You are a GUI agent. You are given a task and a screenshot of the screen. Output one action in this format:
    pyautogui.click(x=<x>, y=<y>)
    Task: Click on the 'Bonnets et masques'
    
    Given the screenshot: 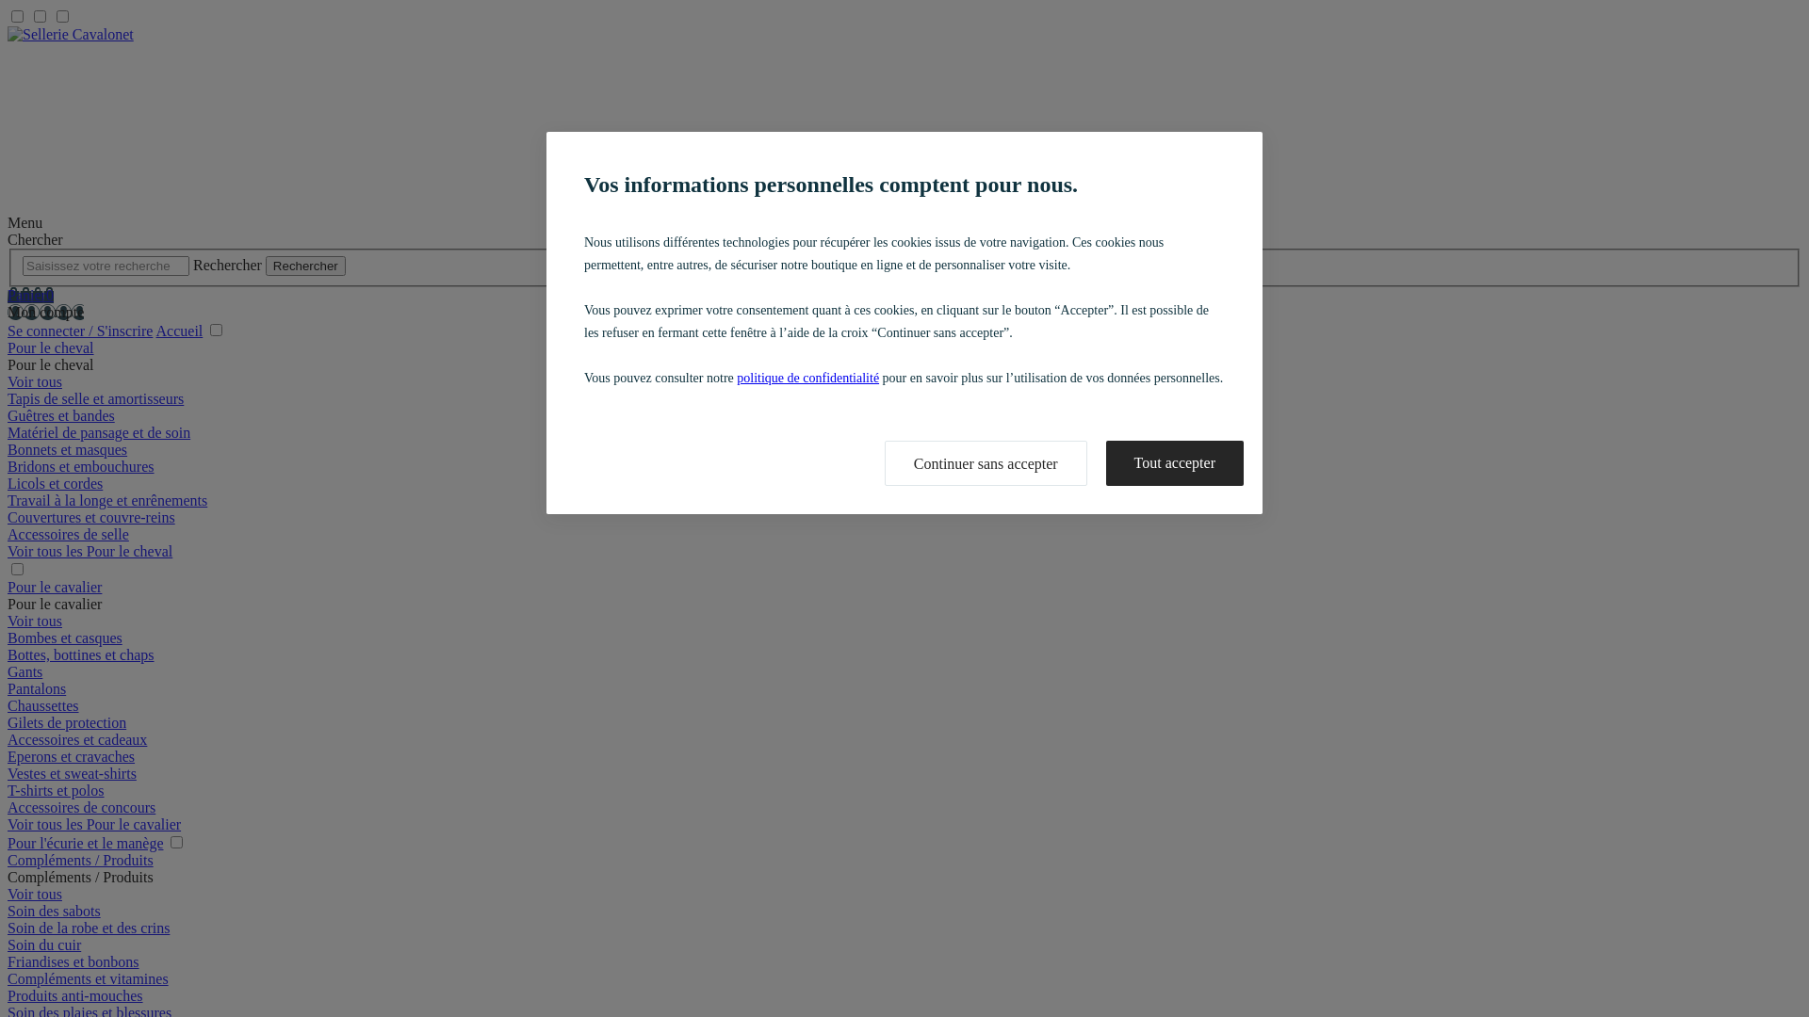 What is the action you would take?
    pyautogui.click(x=67, y=449)
    